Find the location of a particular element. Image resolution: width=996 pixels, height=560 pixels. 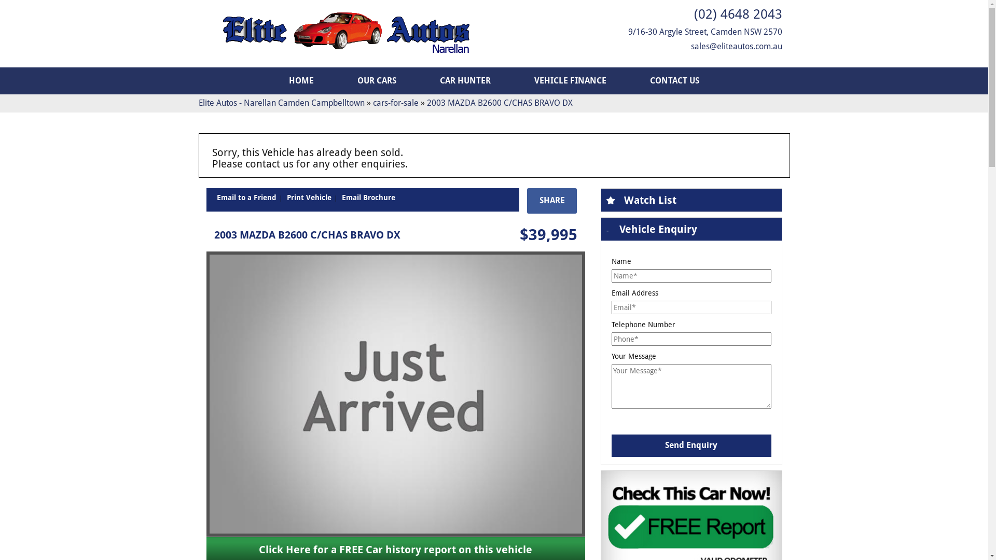

'sales@eliteautos.com.au' is located at coordinates (736, 46).